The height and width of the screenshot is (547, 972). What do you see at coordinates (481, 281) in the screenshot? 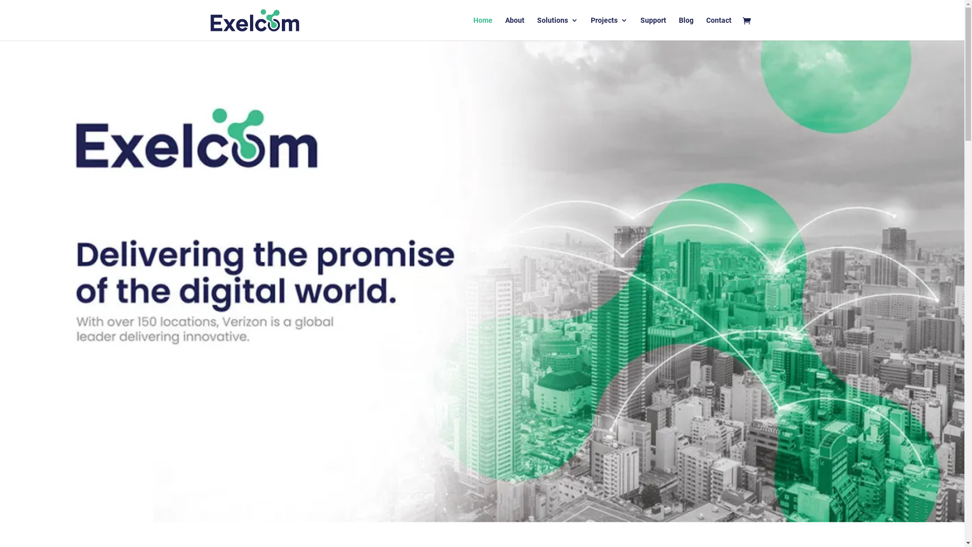
I see `'home-banner-img'` at bounding box center [481, 281].